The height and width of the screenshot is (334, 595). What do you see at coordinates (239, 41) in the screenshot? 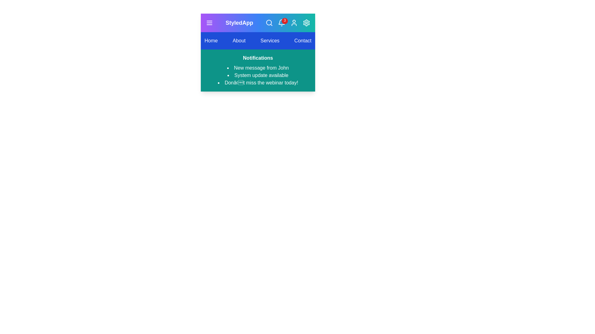
I see `the second button in the menu bar, which navigates to the 'About' section of the application` at bounding box center [239, 41].